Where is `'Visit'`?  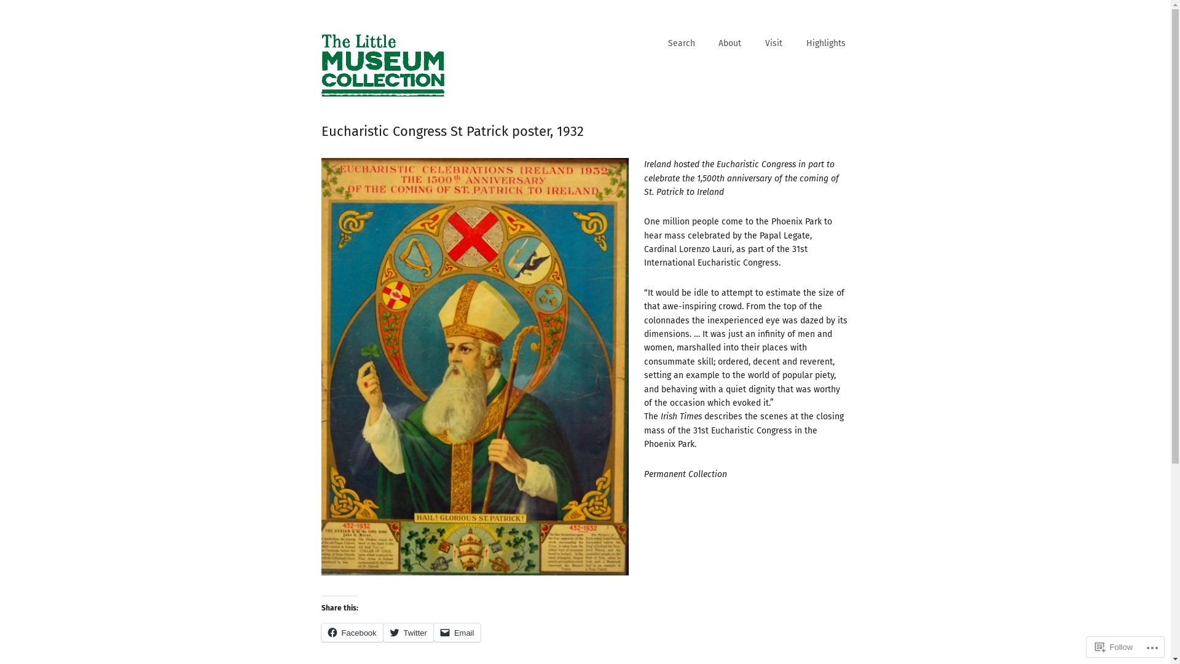 'Visit' is located at coordinates (773, 43).